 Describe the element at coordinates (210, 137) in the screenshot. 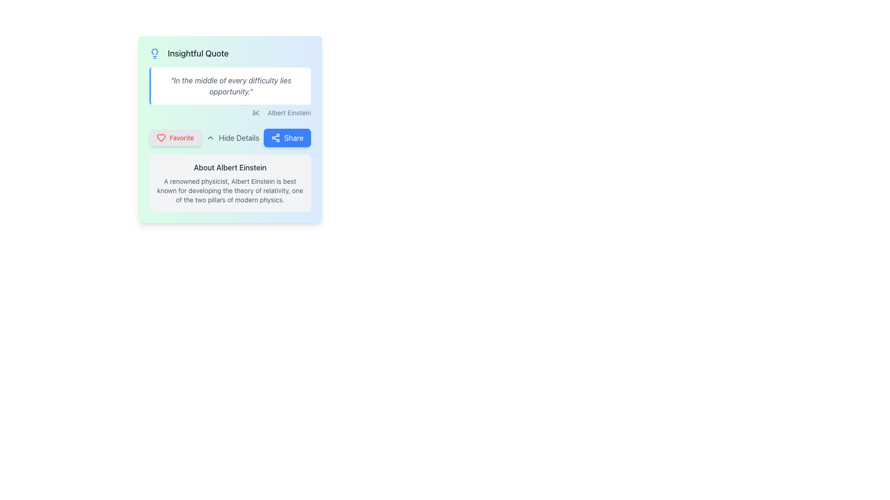

I see `the downward-facing chevron arrow icon located to the left of the 'Hide Details' text` at that location.